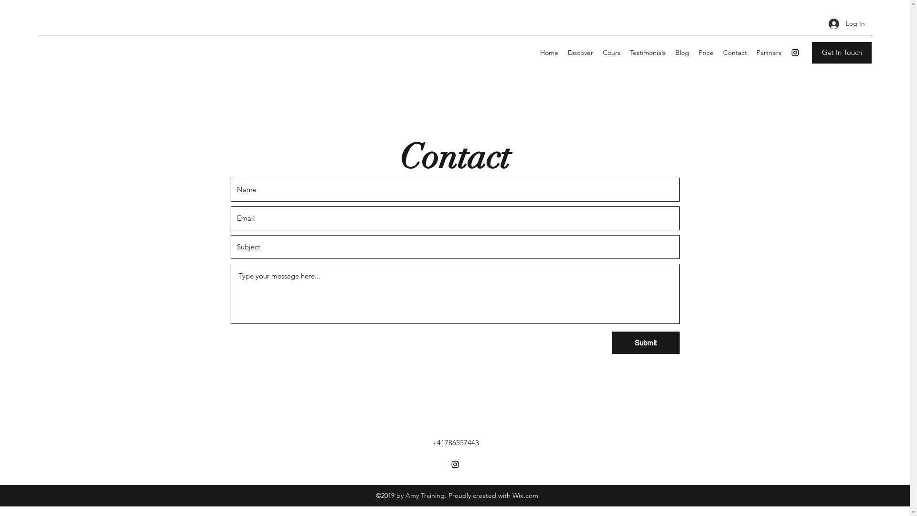  I want to click on 'Blog', so click(682, 53).